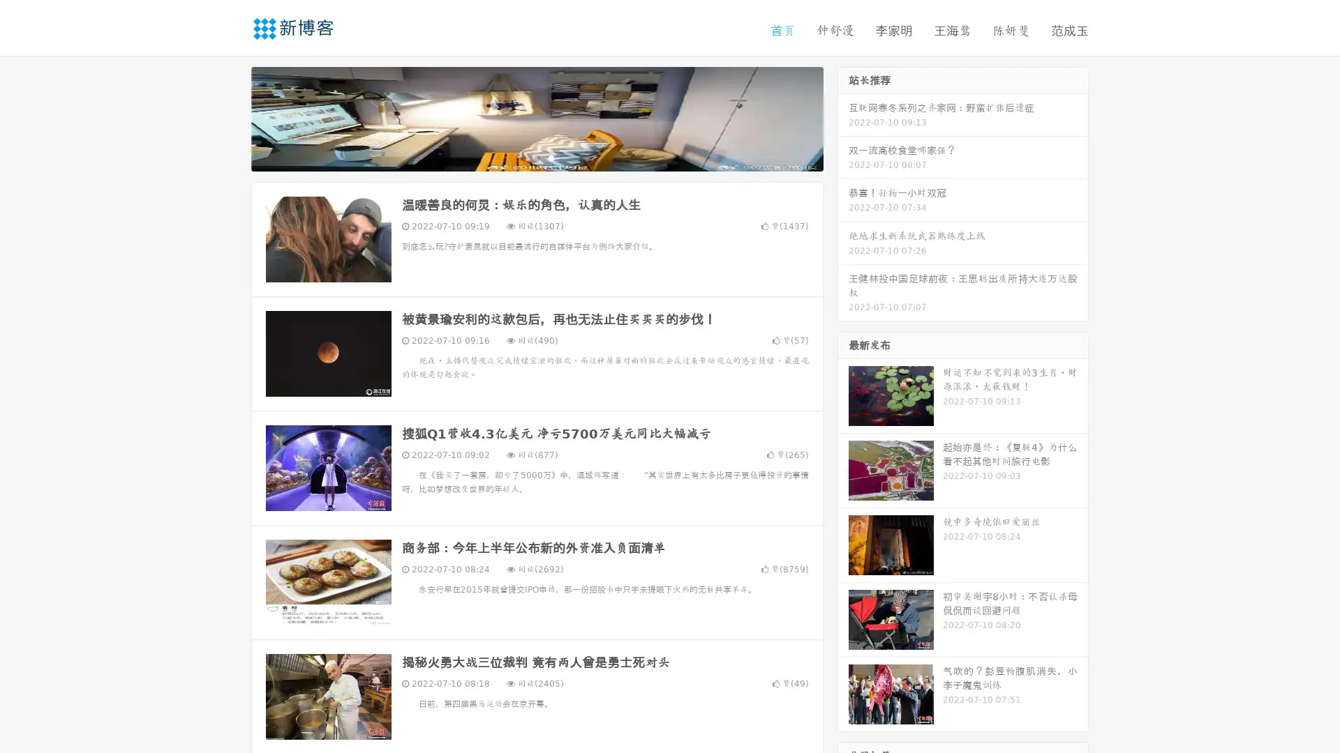  I want to click on Go to slide 2, so click(536, 157).